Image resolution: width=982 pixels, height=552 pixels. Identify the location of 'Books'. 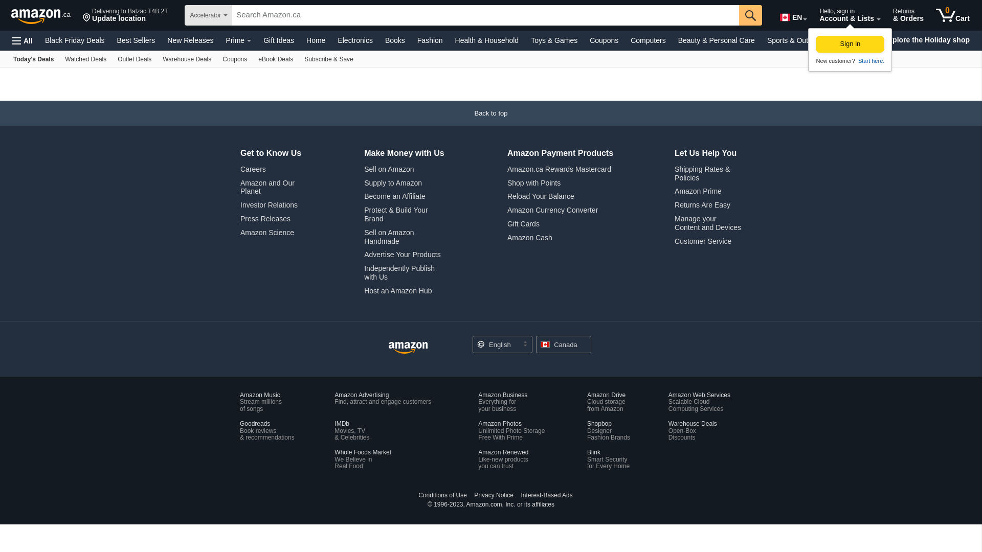
(394, 39).